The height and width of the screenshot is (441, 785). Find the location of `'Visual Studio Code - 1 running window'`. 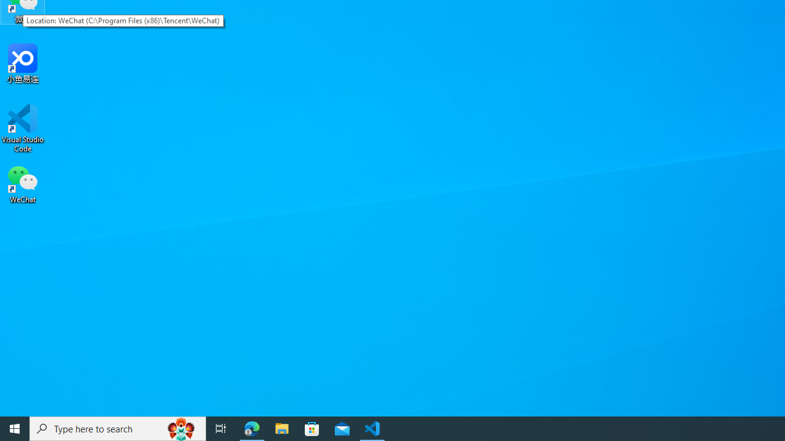

'Visual Studio Code - 1 running window' is located at coordinates (372, 428).